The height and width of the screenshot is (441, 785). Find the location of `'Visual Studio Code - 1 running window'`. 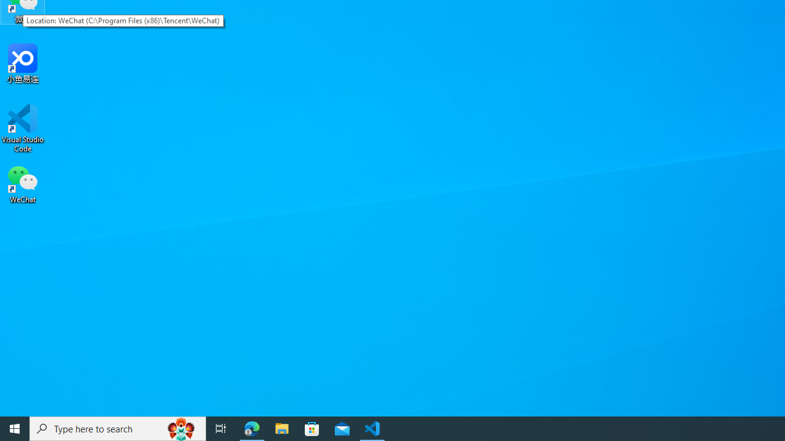

'Visual Studio Code - 1 running window' is located at coordinates (372, 428).